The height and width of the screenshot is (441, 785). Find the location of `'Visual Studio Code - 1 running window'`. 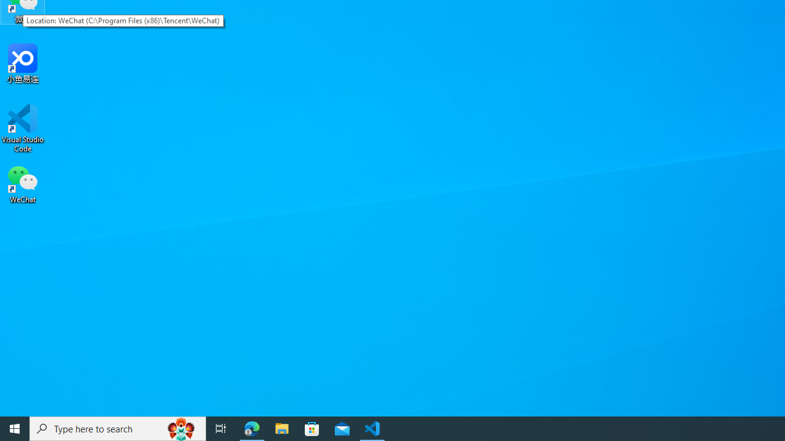

'Visual Studio Code - 1 running window' is located at coordinates (372, 428).